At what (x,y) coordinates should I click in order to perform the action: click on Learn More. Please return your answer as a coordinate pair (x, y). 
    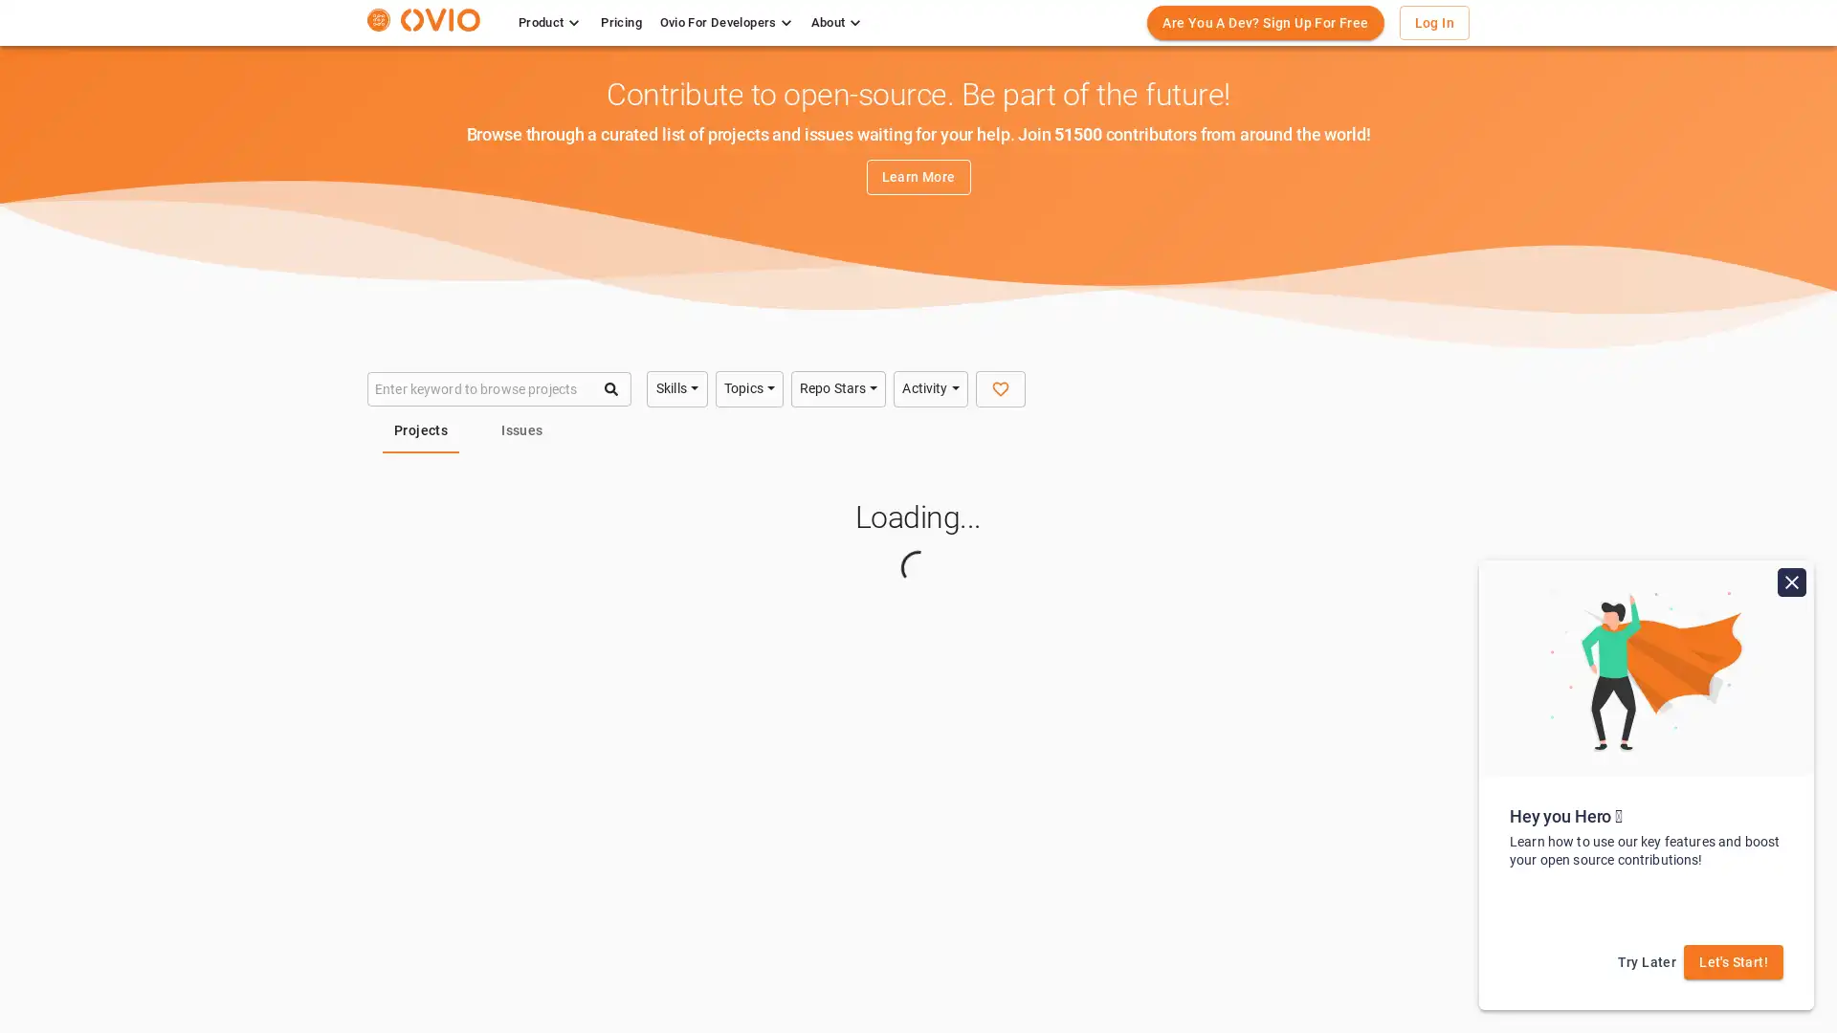
    Looking at the image, I should click on (917, 177).